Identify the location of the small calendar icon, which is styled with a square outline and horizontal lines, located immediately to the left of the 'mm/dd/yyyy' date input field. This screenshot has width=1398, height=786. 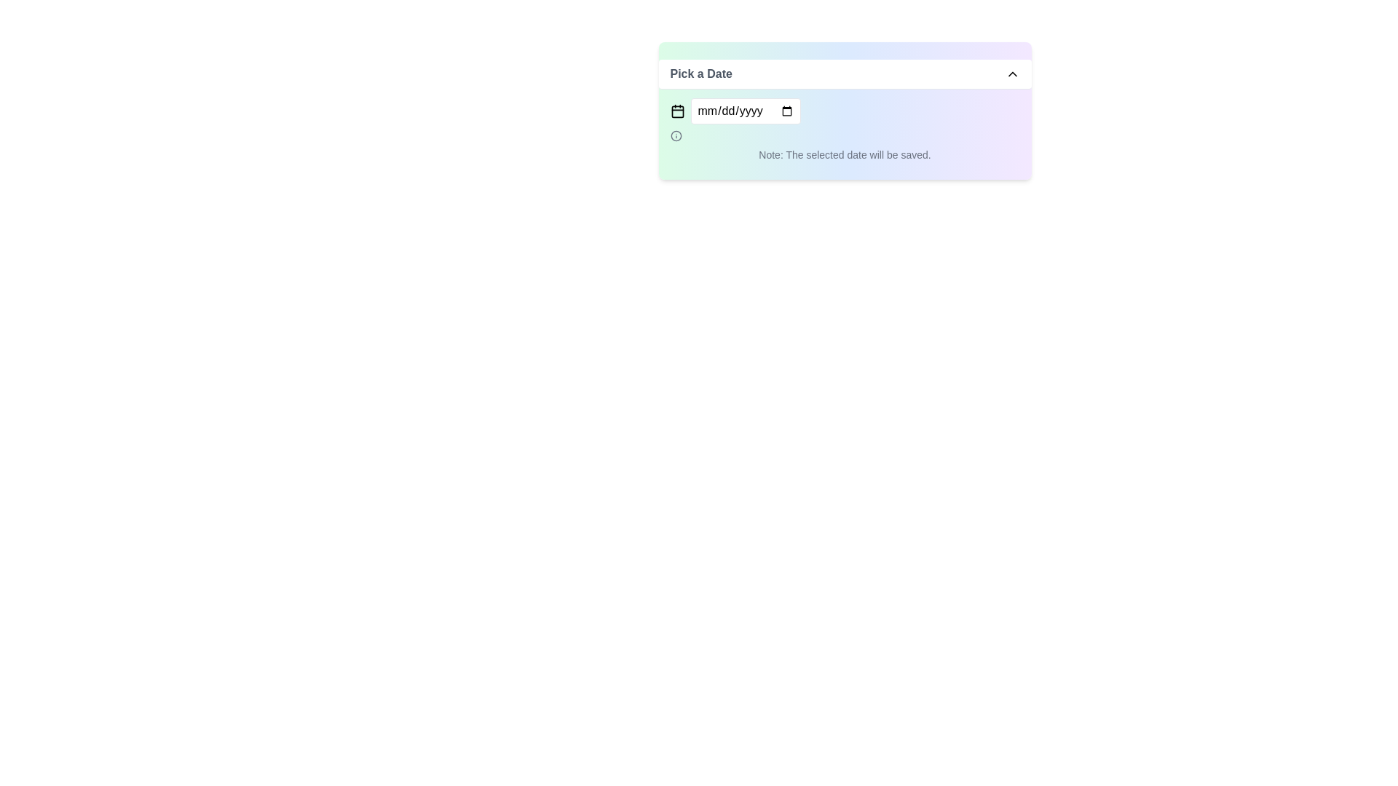
(676, 111).